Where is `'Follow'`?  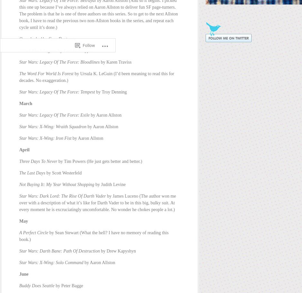
'Follow' is located at coordinates (82, 21).